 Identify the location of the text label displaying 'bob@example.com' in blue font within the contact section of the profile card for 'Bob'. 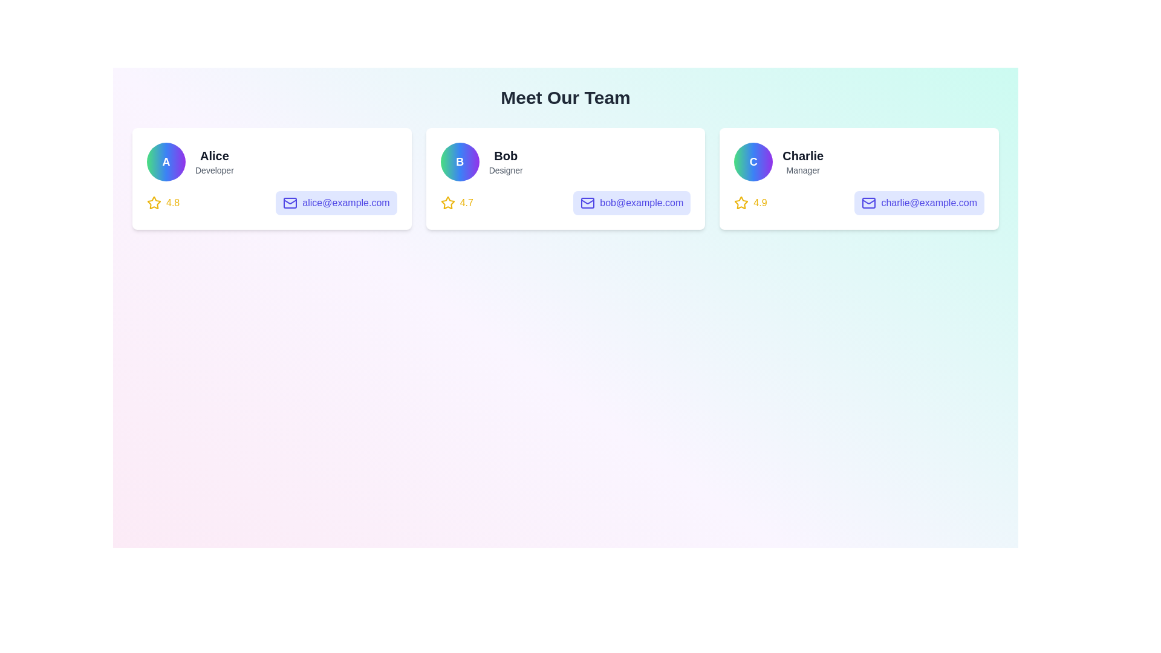
(641, 202).